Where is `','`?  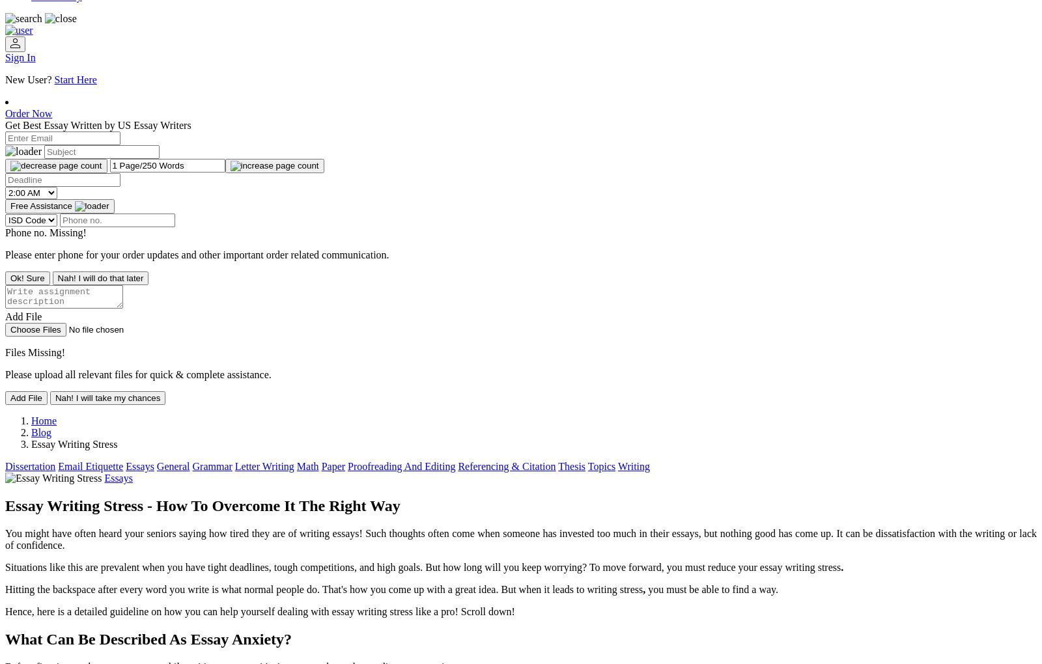
',' is located at coordinates (645, 588).